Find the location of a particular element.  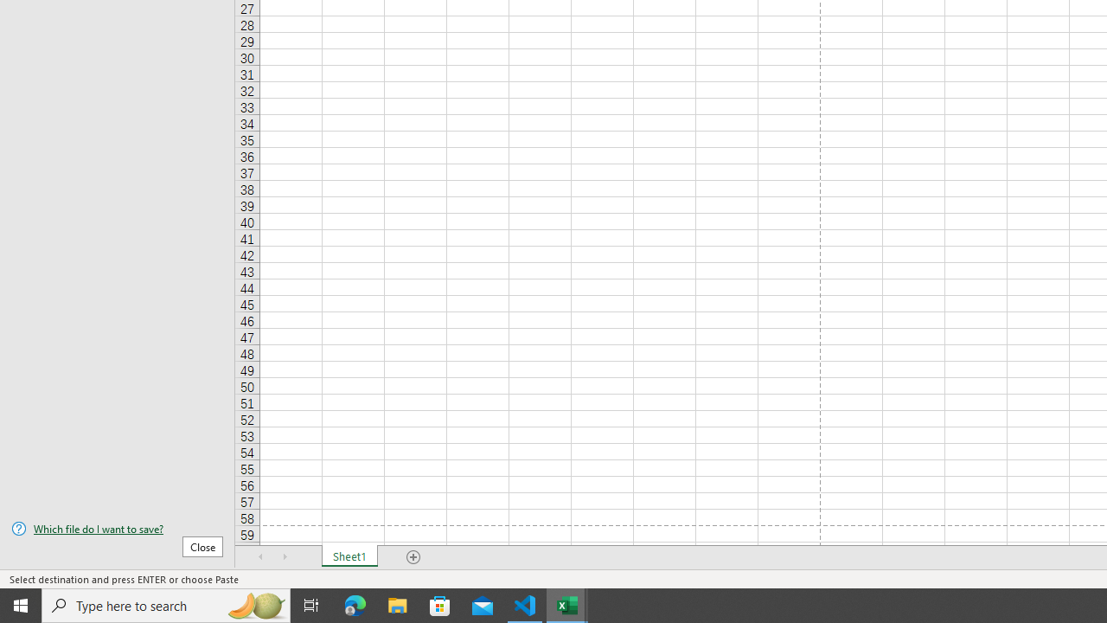

'Type here to search' is located at coordinates (166, 604).